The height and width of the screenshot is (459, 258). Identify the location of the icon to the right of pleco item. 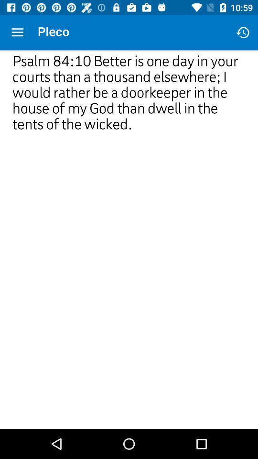
(243, 33).